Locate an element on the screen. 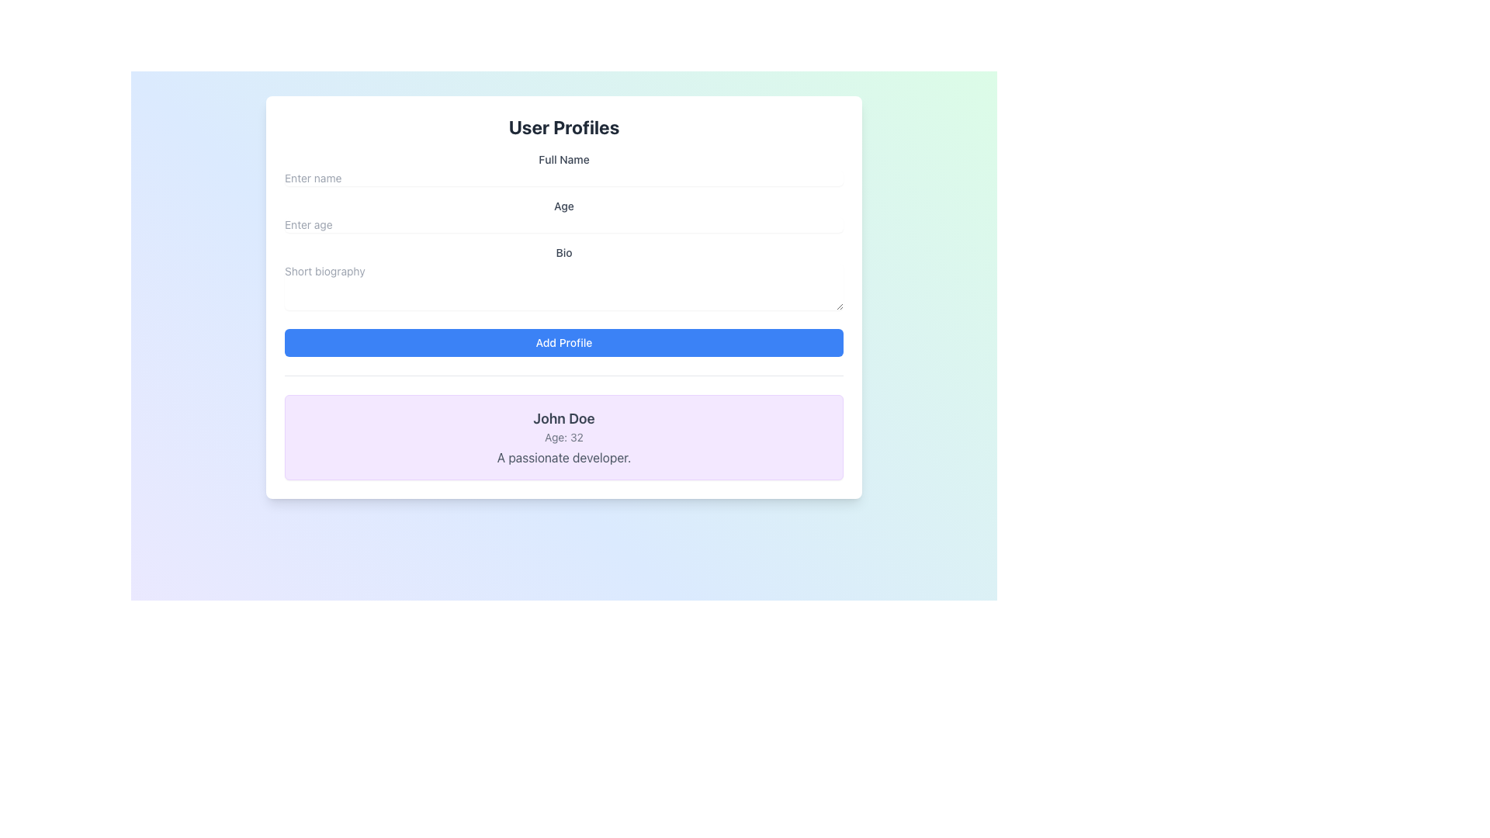 The height and width of the screenshot is (838, 1490). into the 'Full Name' labeled text input field is located at coordinates (563, 169).